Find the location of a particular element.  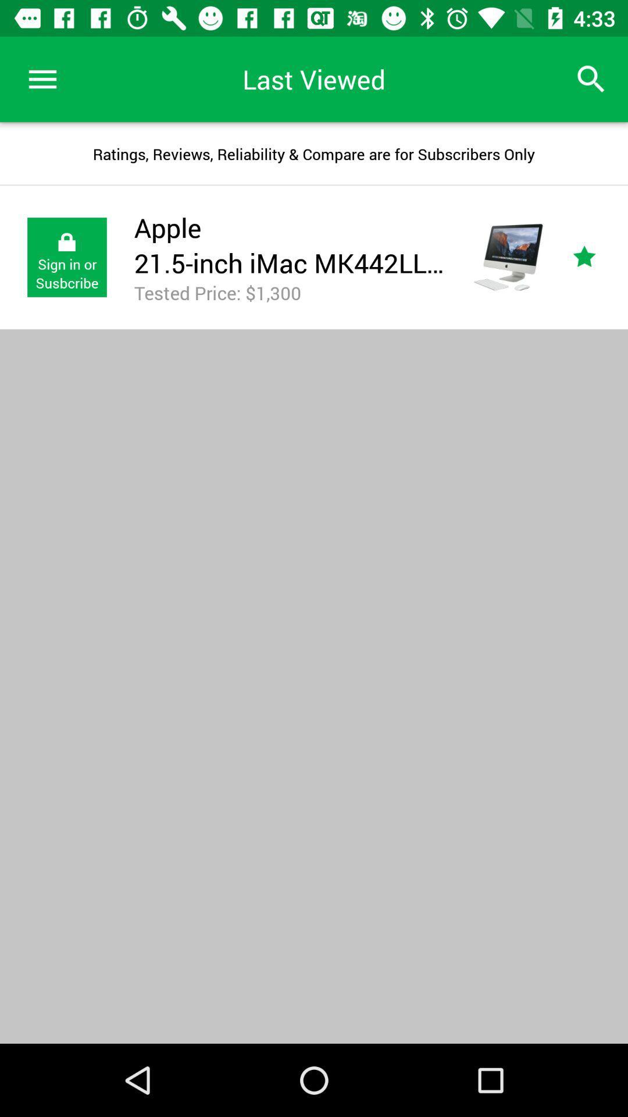

the item next to last viewed icon is located at coordinates (42, 79).